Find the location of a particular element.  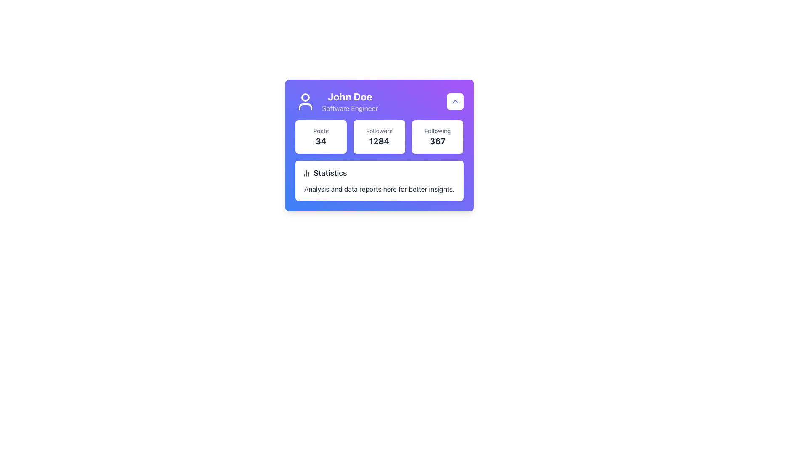

content displayed in the Profile Card Header, which shows the user's name and role alongside a profile icon is located at coordinates (336, 101).